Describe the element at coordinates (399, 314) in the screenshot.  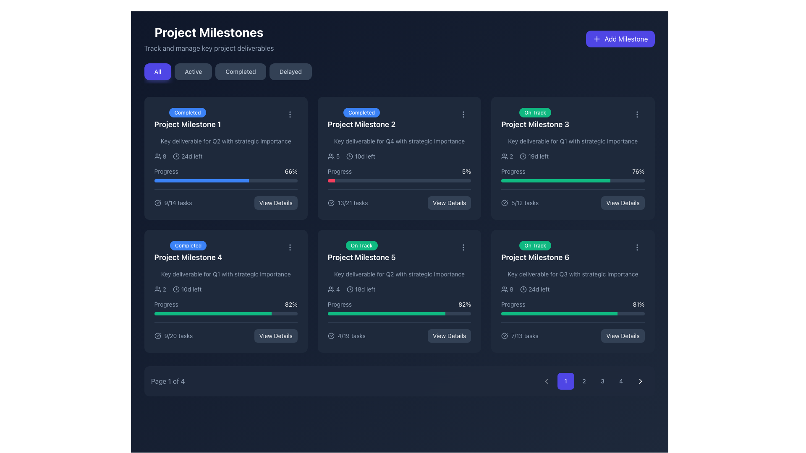
I see `the progress bar located within the 'Project Milestone 5' card, below the 'Progress' text and '82%', in the bottom left quadrant of the third row of the dashboard grid layout` at that location.